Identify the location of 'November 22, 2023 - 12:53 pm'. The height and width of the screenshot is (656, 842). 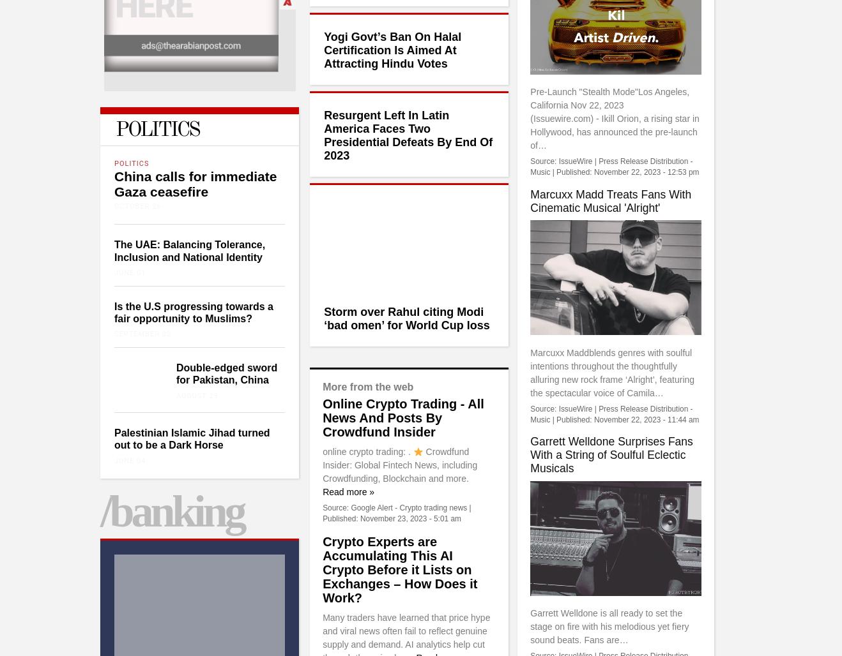
(646, 172).